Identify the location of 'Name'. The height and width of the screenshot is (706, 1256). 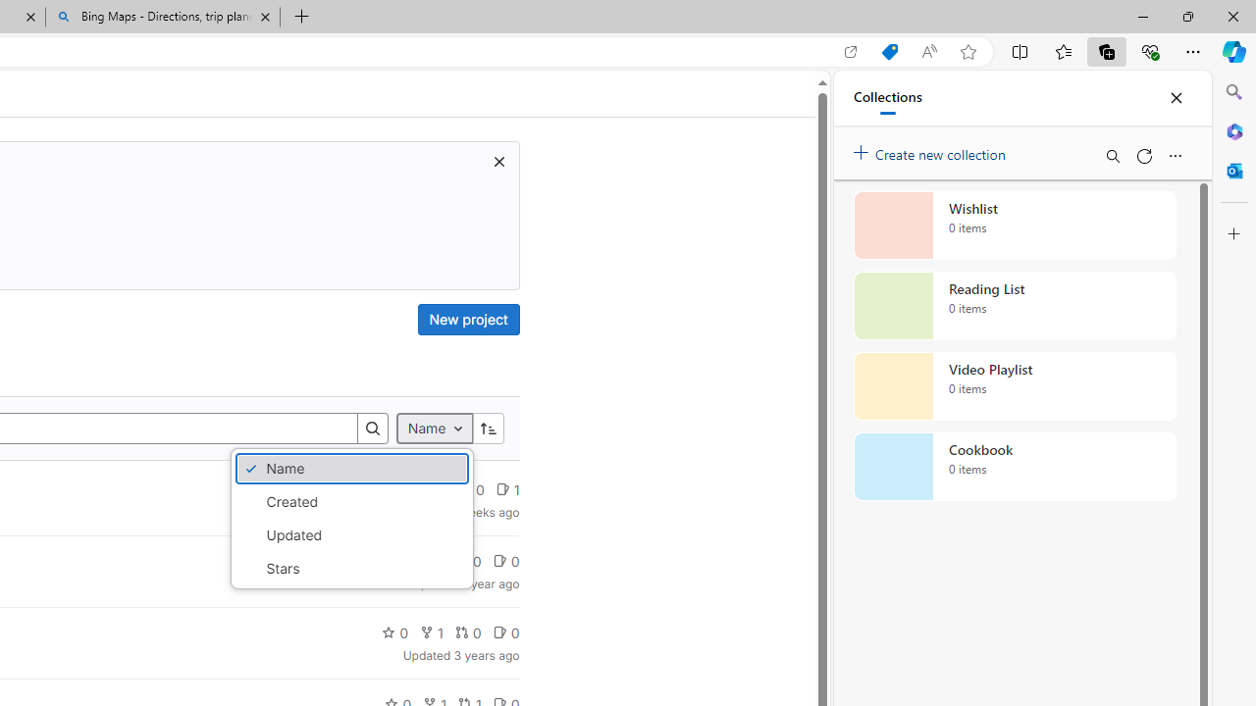
(352, 469).